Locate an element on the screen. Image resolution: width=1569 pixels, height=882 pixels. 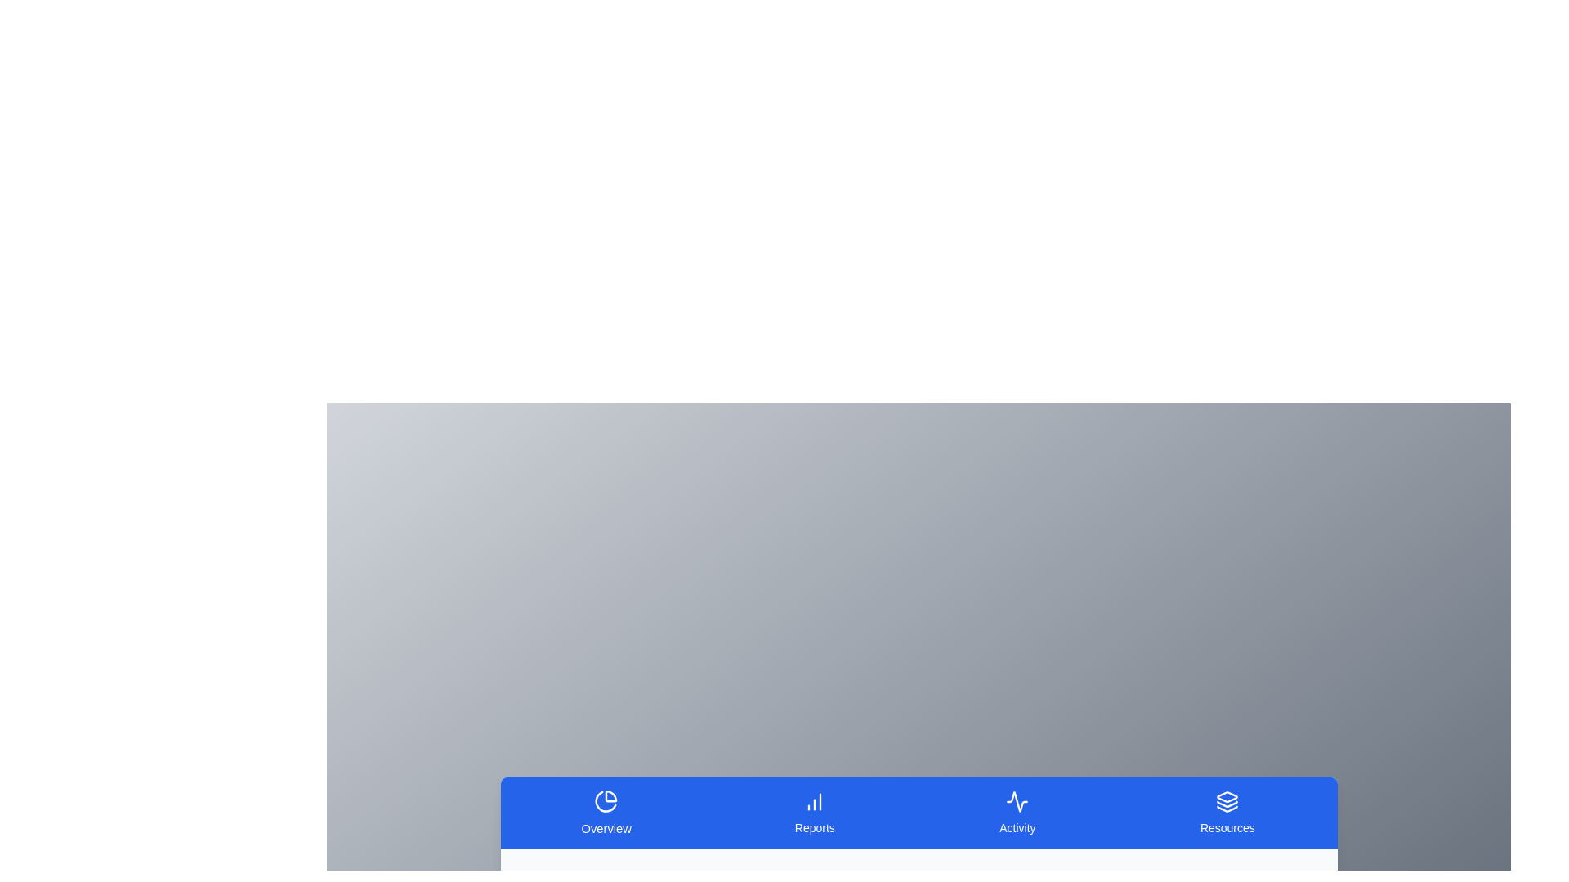
the tab corresponding to Resources is located at coordinates (1227, 813).